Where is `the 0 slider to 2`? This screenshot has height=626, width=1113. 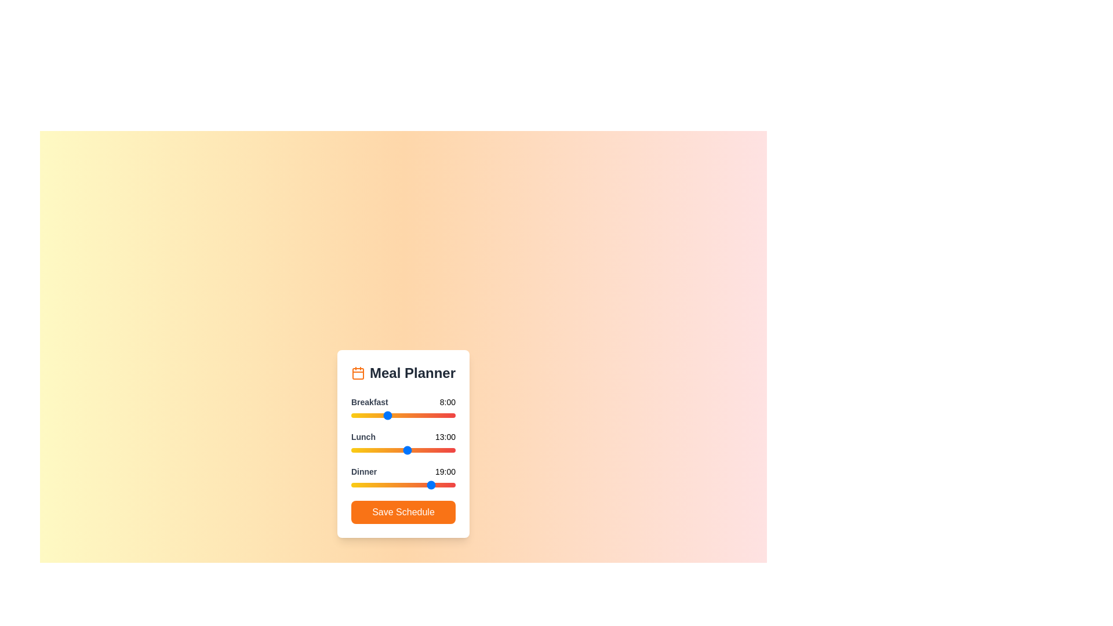 the 0 slider to 2 is located at coordinates (359, 415).